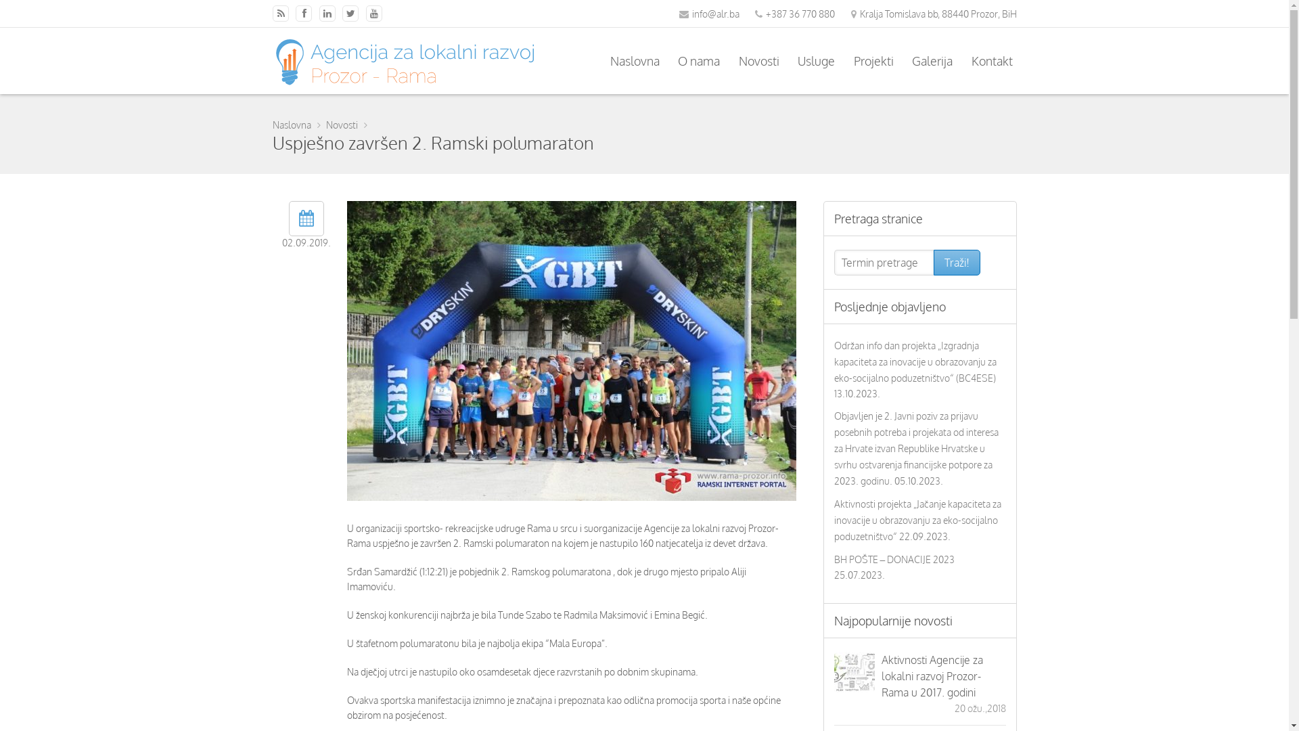 The height and width of the screenshot is (731, 1299). I want to click on 'Projekti', so click(873, 60).